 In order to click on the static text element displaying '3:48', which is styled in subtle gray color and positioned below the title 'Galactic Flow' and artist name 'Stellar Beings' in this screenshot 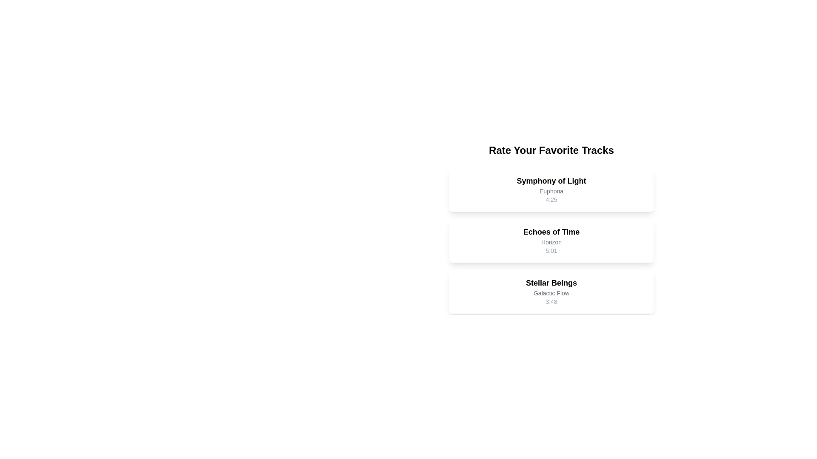, I will do `click(551, 301)`.